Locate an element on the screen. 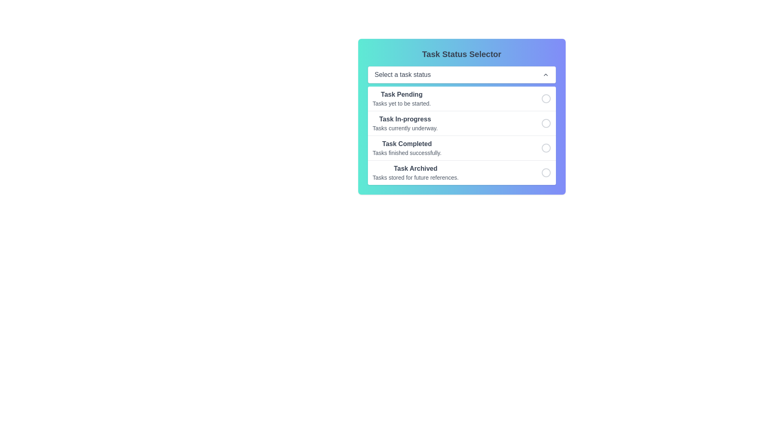  the static text label within the dropdown field to trigger the tooltip is located at coordinates (402, 75).